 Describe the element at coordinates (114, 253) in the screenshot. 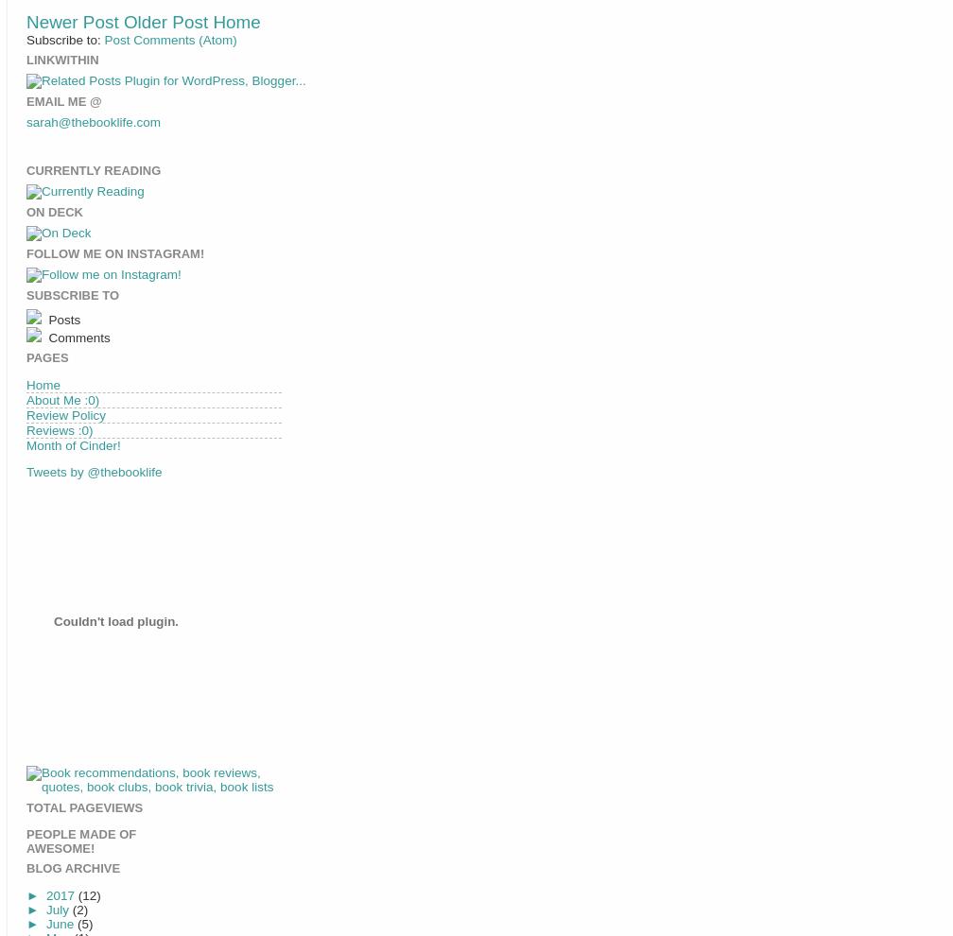

I see `'Follow me on Instagram!'` at that location.